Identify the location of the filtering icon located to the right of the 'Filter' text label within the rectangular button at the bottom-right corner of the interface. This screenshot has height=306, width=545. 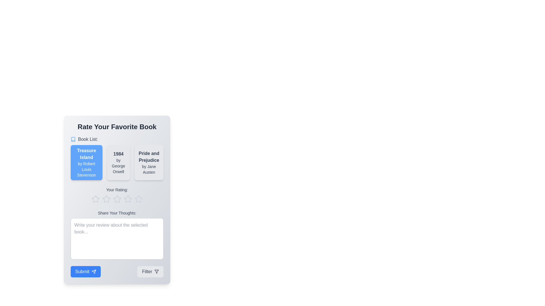
(157, 271).